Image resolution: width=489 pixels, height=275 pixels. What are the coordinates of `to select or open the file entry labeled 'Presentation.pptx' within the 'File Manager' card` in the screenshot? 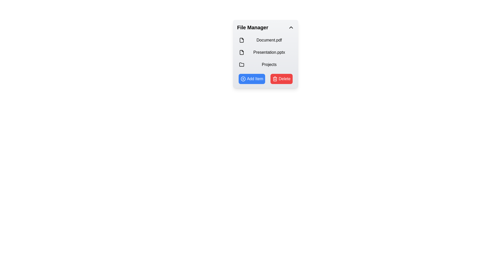 It's located at (265, 54).